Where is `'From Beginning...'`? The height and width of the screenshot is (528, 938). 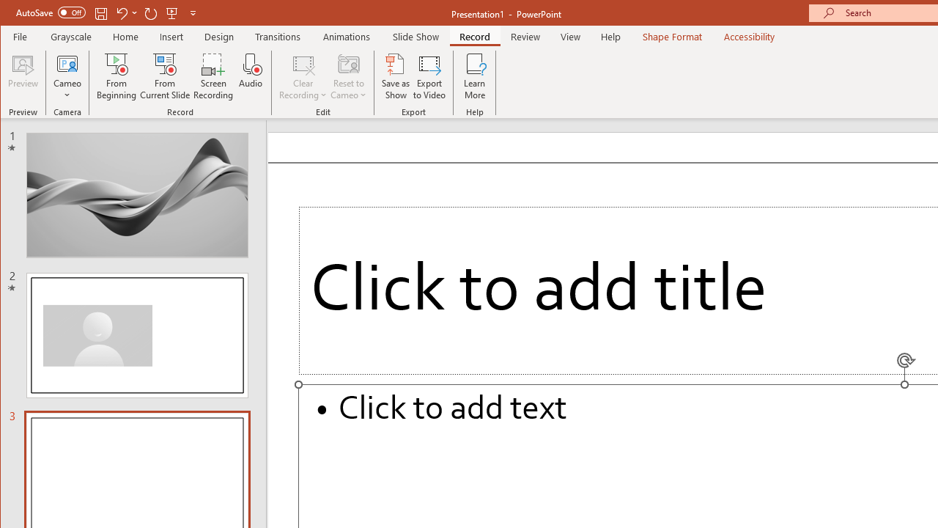
'From Beginning...' is located at coordinates (117, 76).